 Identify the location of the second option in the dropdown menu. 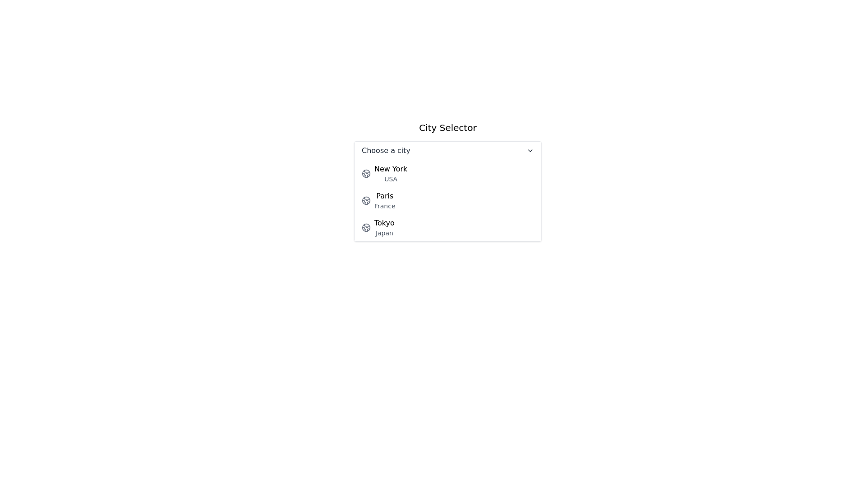
(447, 200).